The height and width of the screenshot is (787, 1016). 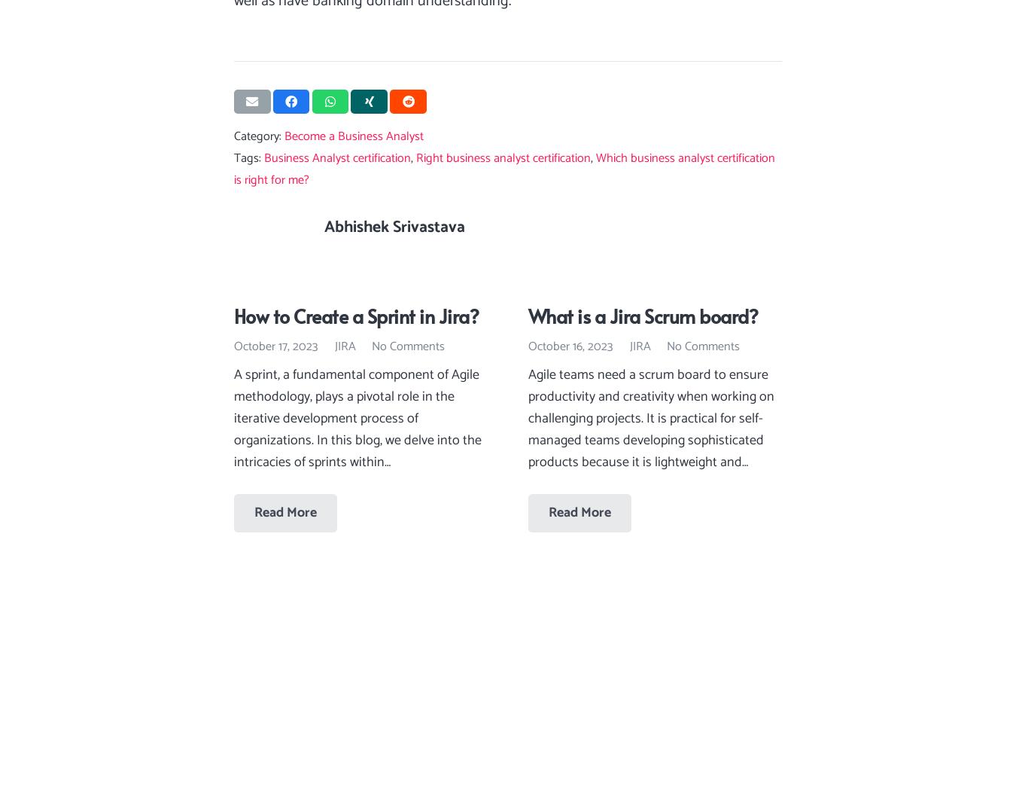 What do you see at coordinates (504, 169) in the screenshot?
I see `'Which business analyst certification is right for me?'` at bounding box center [504, 169].